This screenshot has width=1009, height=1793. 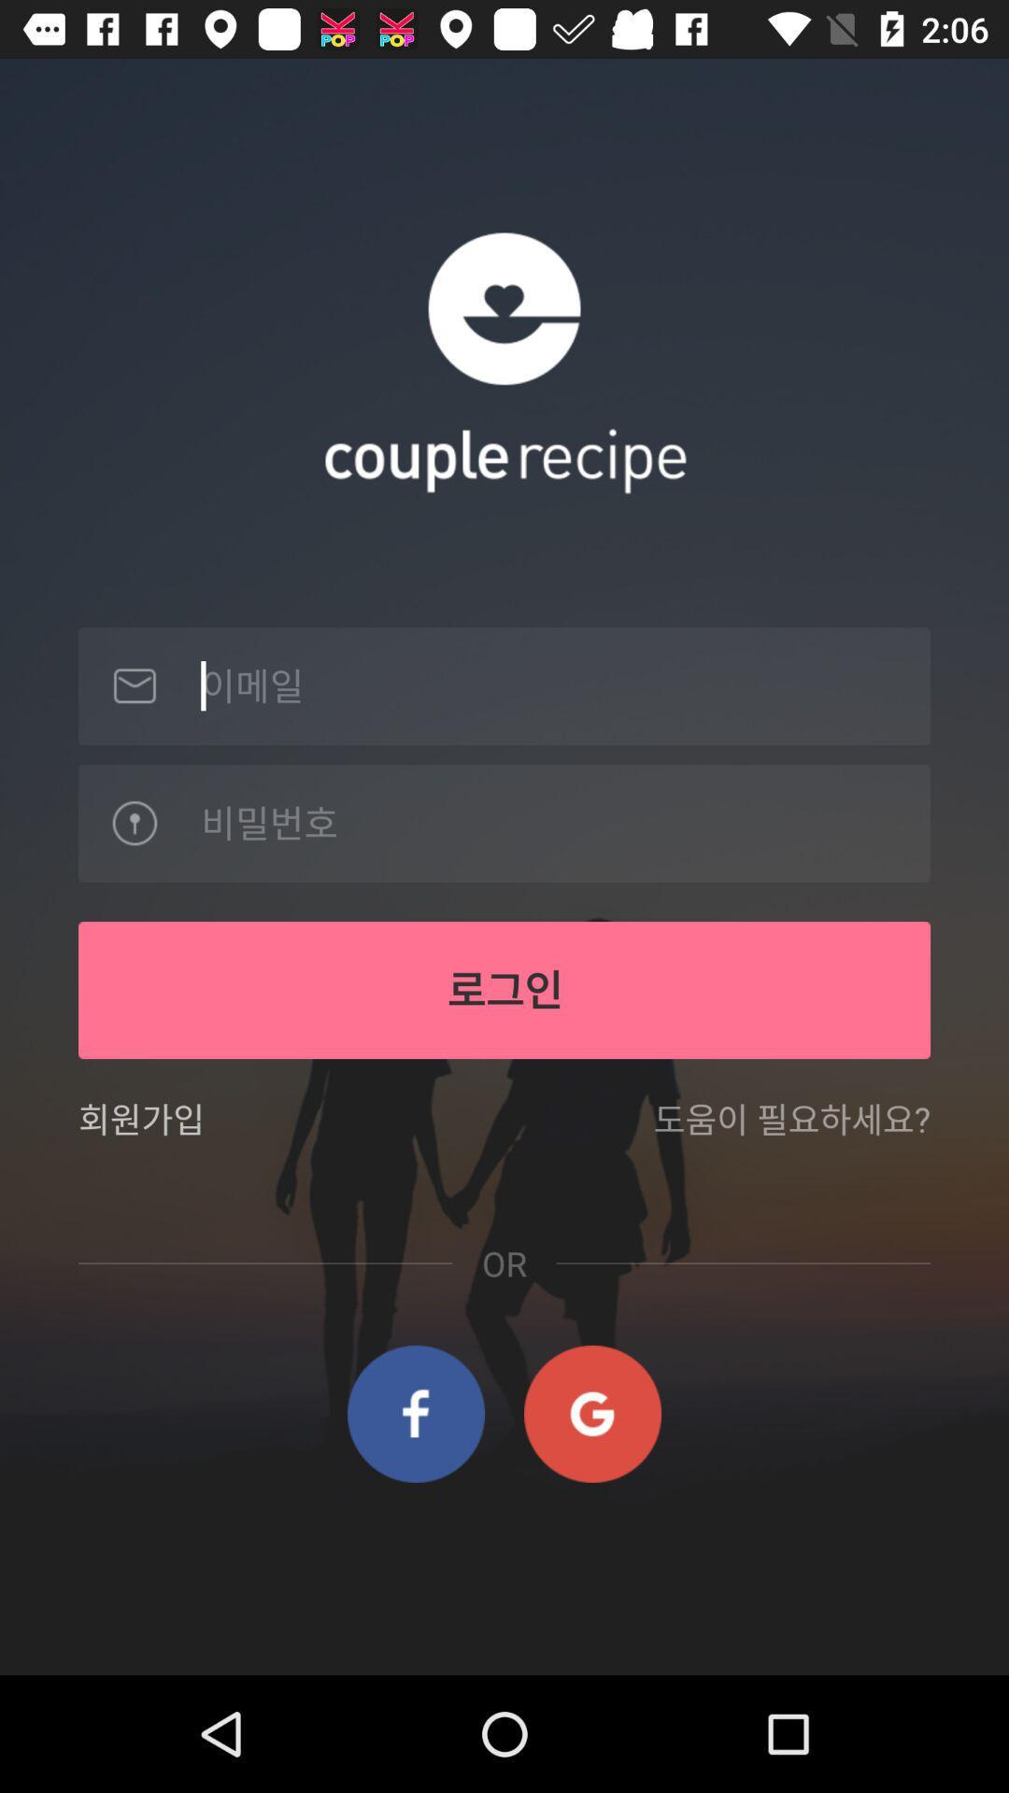 I want to click on item on the left, so click(x=140, y=1130).